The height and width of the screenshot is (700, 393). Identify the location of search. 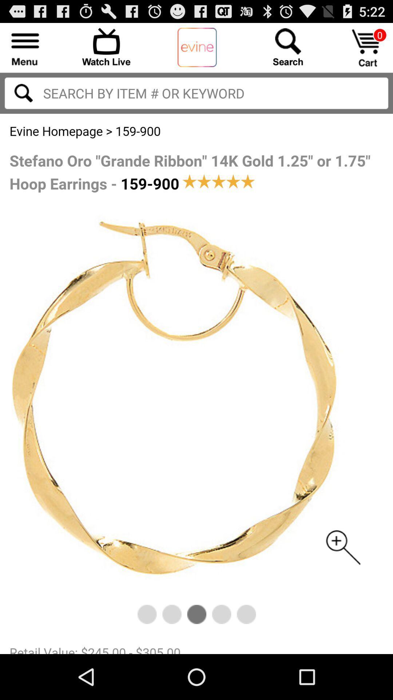
(287, 46).